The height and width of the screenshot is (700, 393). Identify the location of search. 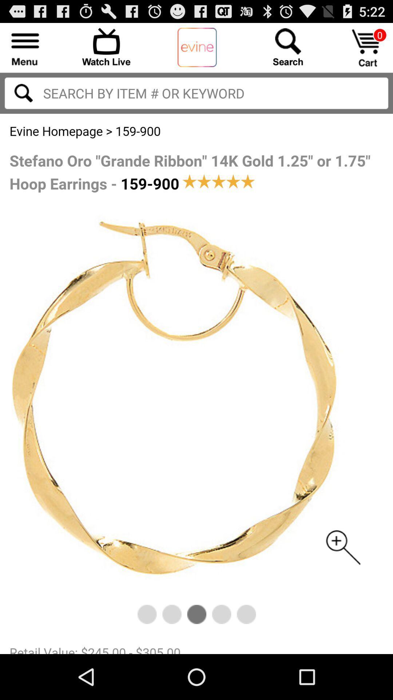
(287, 46).